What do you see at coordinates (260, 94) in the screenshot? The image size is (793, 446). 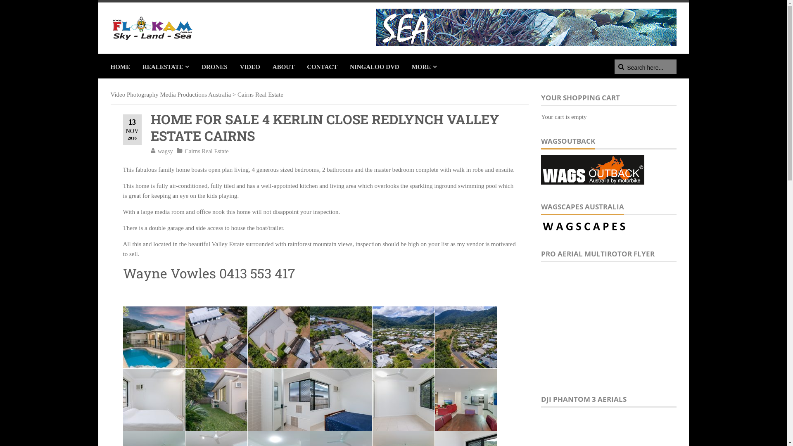 I see `'Cairns Real Estate'` at bounding box center [260, 94].